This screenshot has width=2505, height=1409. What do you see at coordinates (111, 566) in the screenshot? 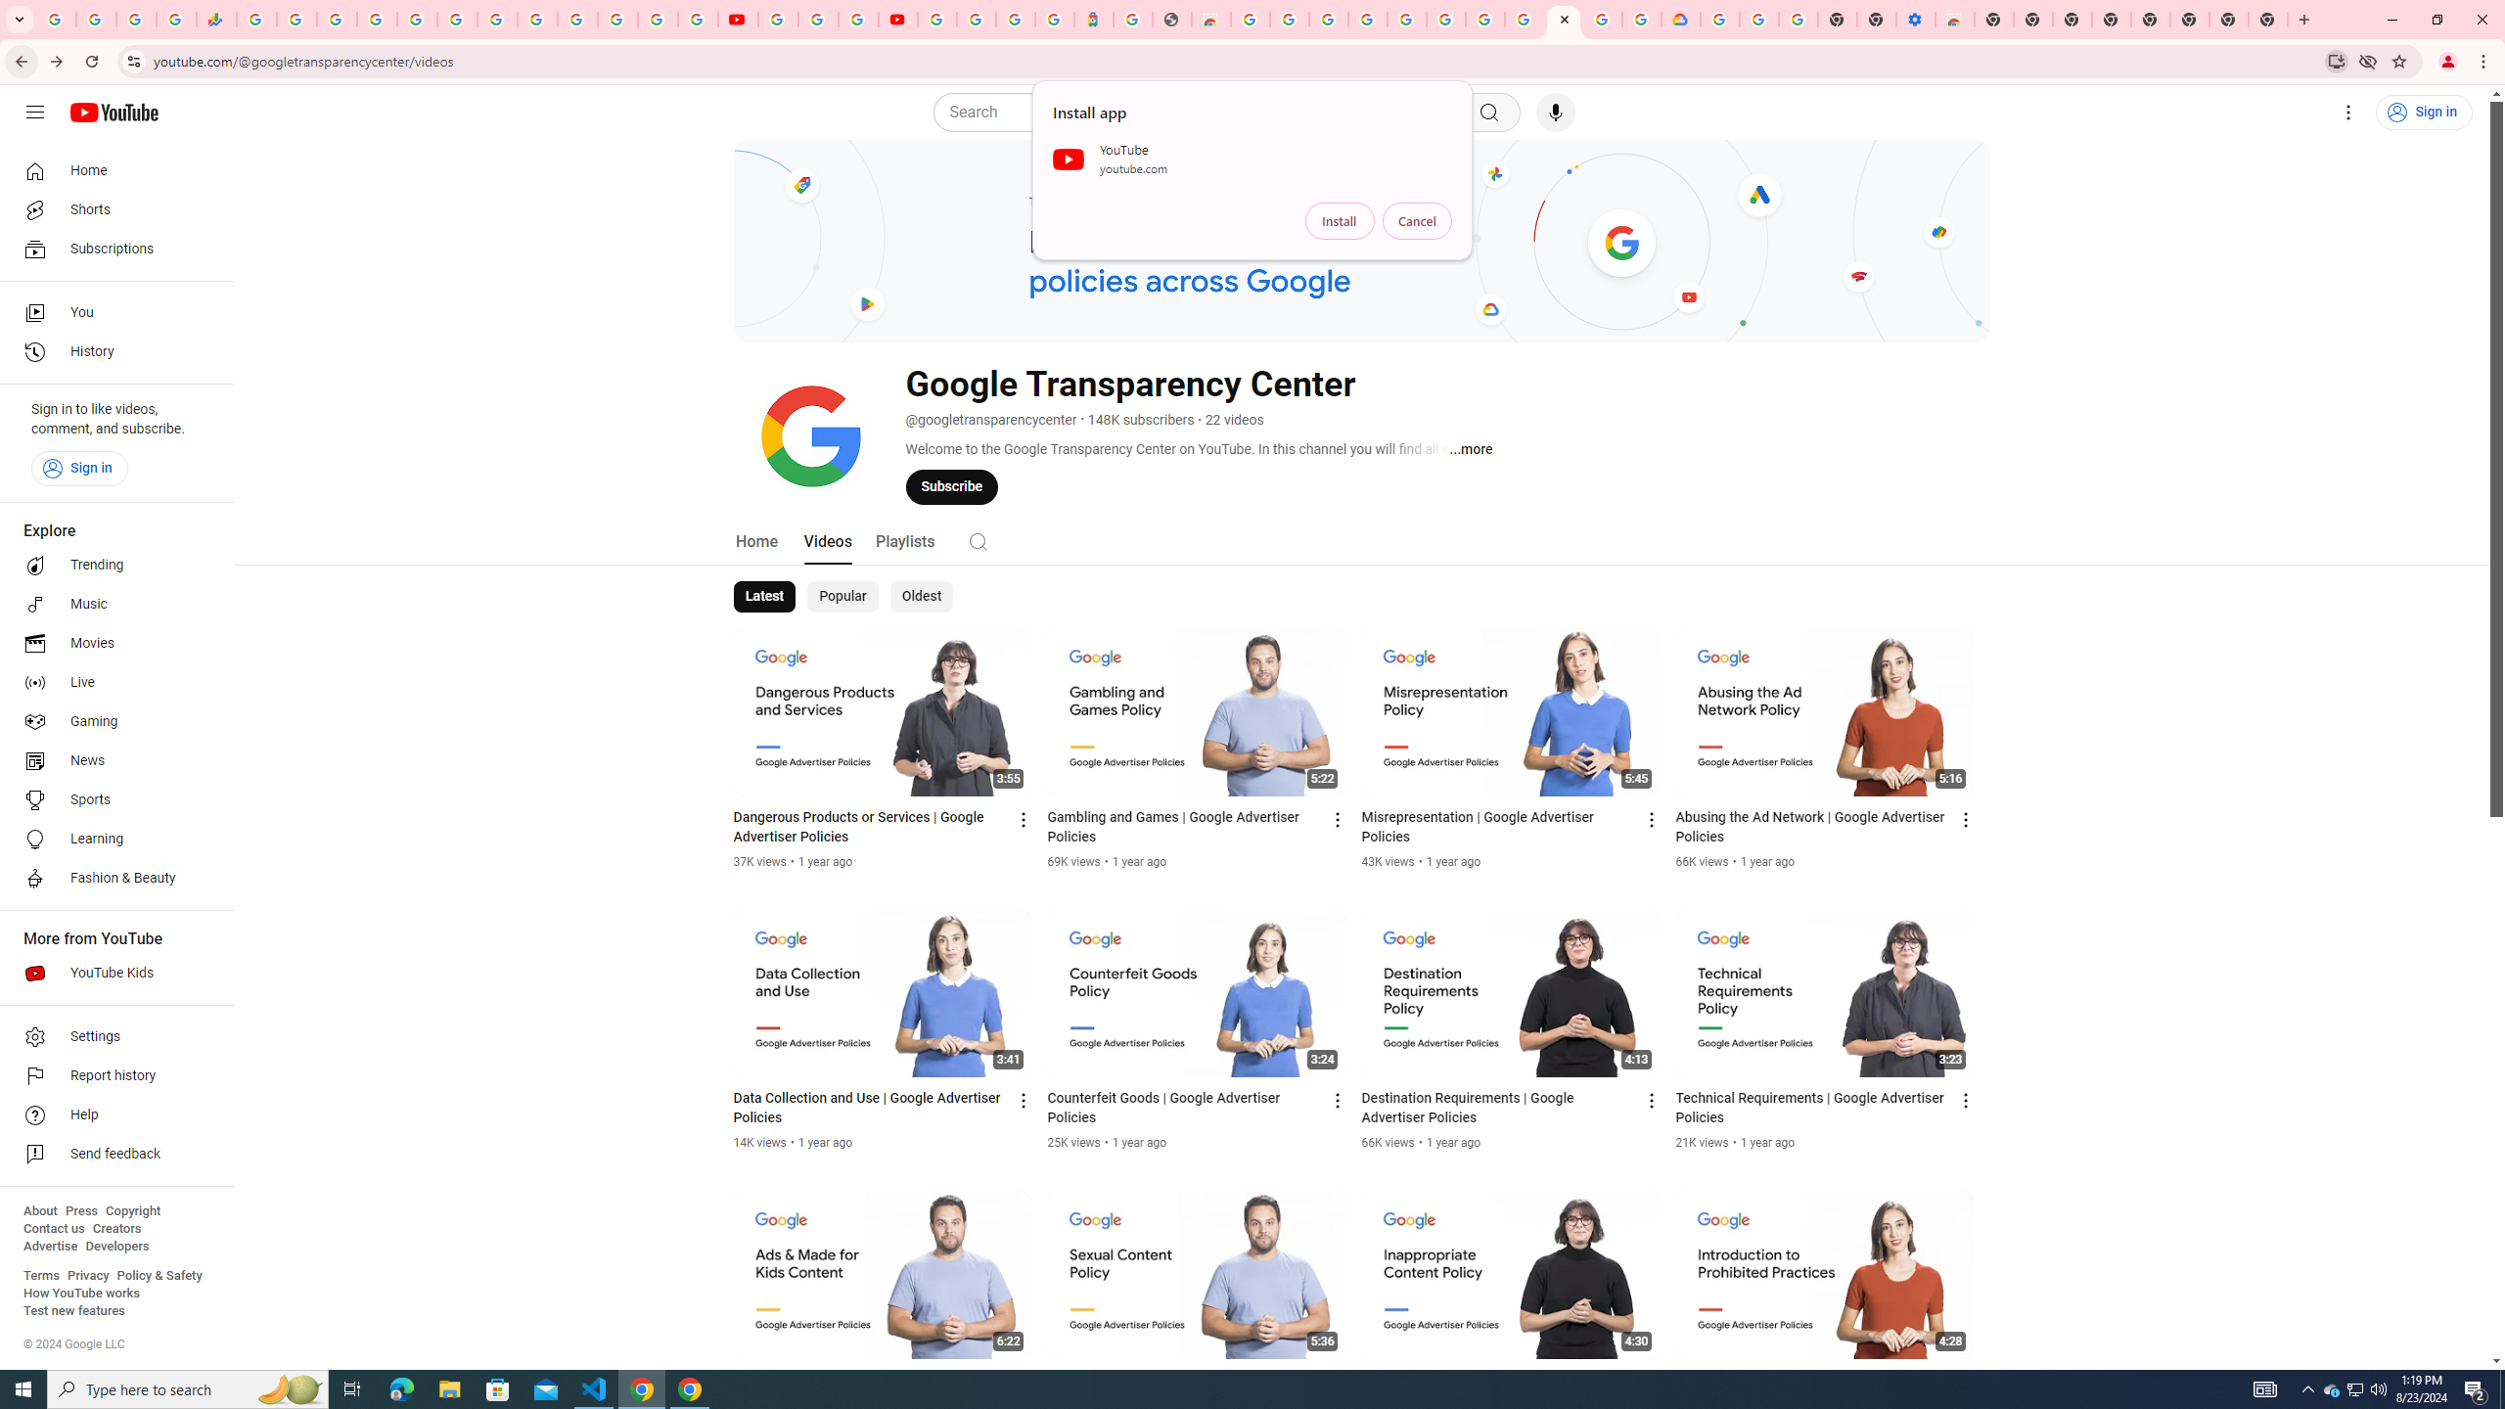
I see `'Trending'` at bounding box center [111, 566].